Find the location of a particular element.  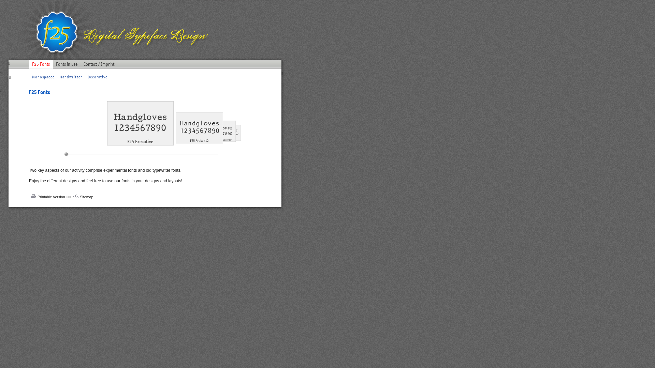

'Printable Version' is located at coordinates (51, 197).